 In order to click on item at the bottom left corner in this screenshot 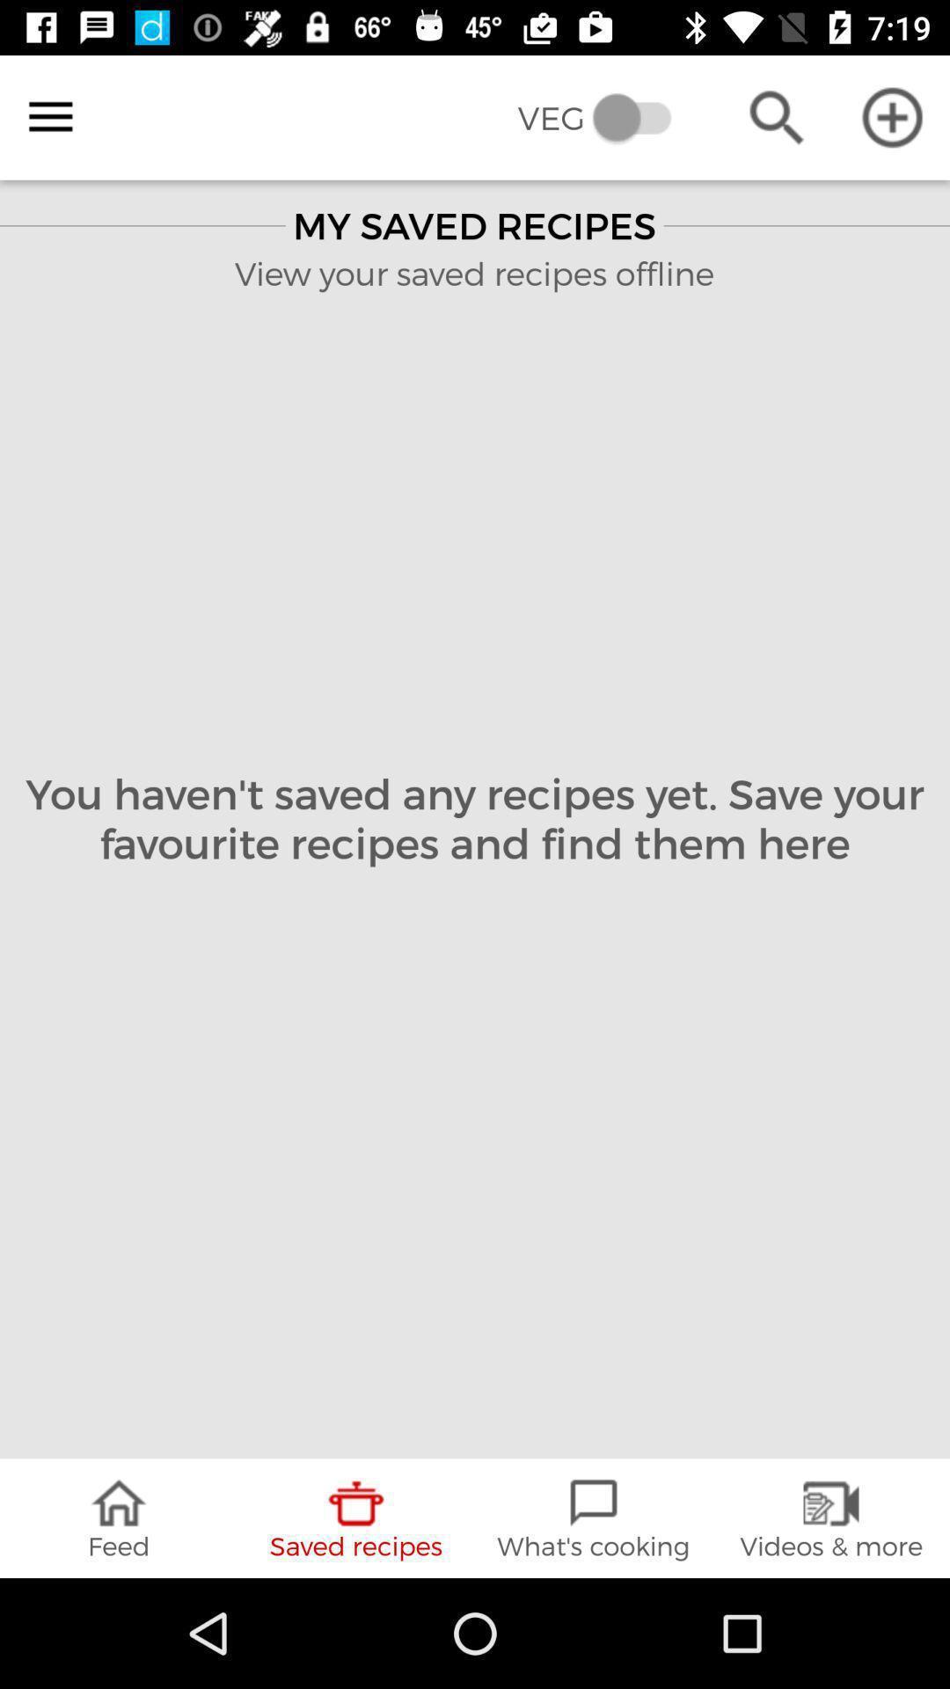, I will do `click(119, 1517)`.